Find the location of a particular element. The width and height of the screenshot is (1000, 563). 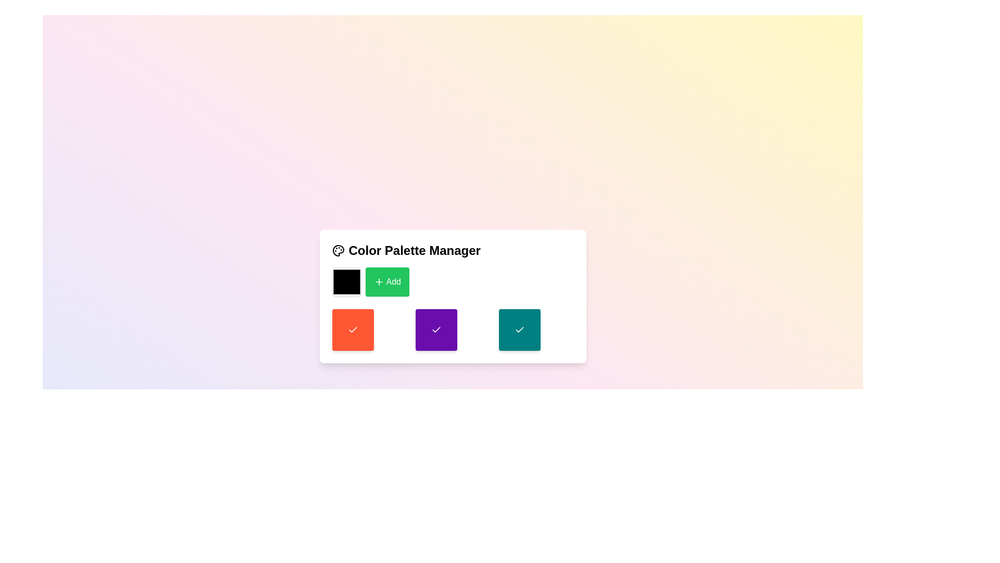

the color picker element that represents the color black is located at coordinates (346, 281).